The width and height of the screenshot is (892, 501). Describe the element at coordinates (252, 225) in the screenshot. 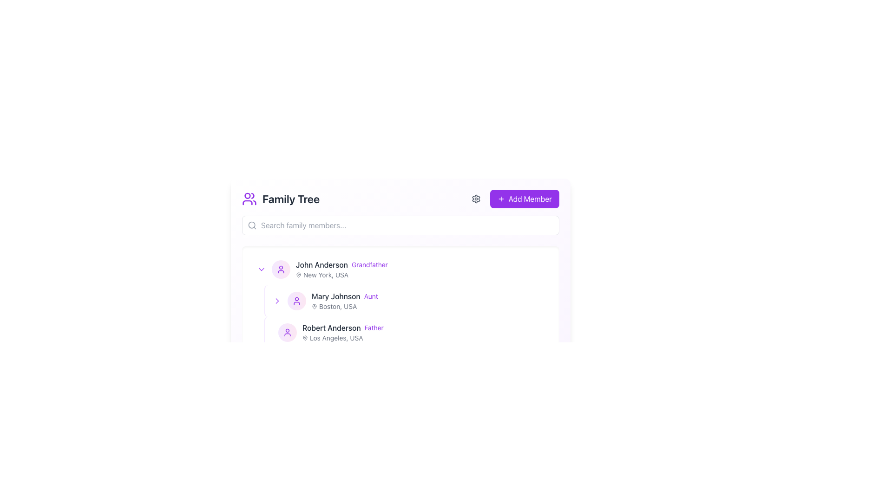

I see `the inner circular component of the magnifying glass icon to trigger a search-related action` at that location.